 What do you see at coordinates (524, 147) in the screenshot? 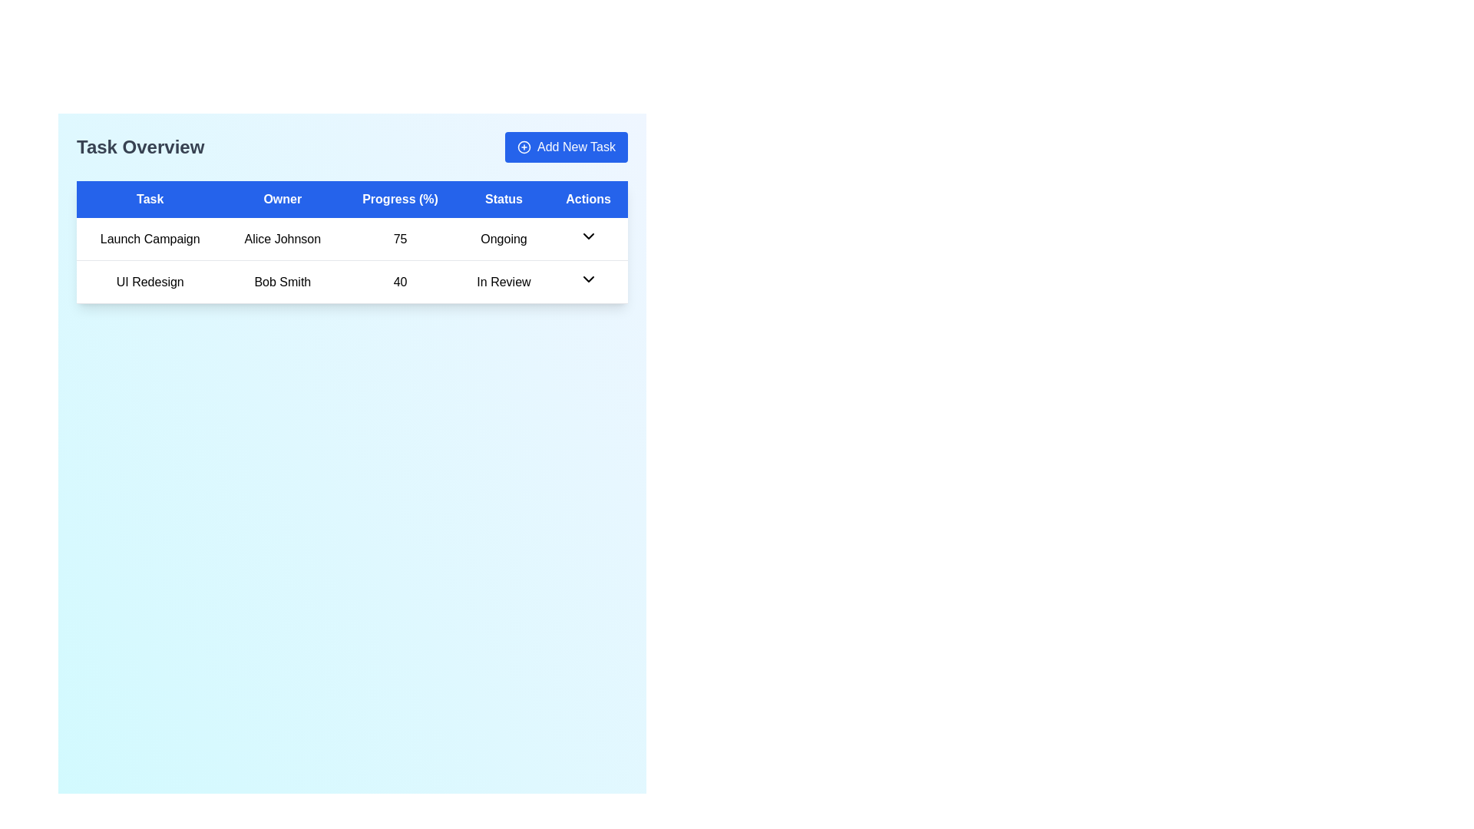
I see `the circular icon with a dark outline and centered plus sign, located to the left of the 'Add New Task' button in the top-right corner of the page` at bounding box center [524, 147].